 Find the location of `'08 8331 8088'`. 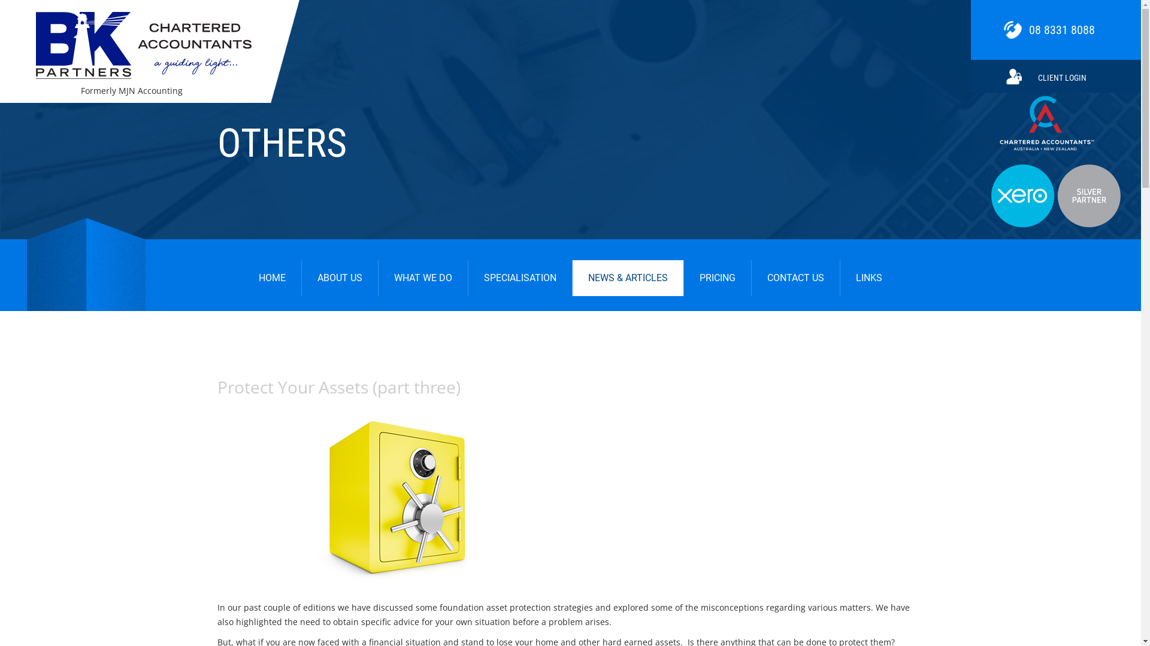

'08 8331 8088' is located at coordinates (1055, 29).